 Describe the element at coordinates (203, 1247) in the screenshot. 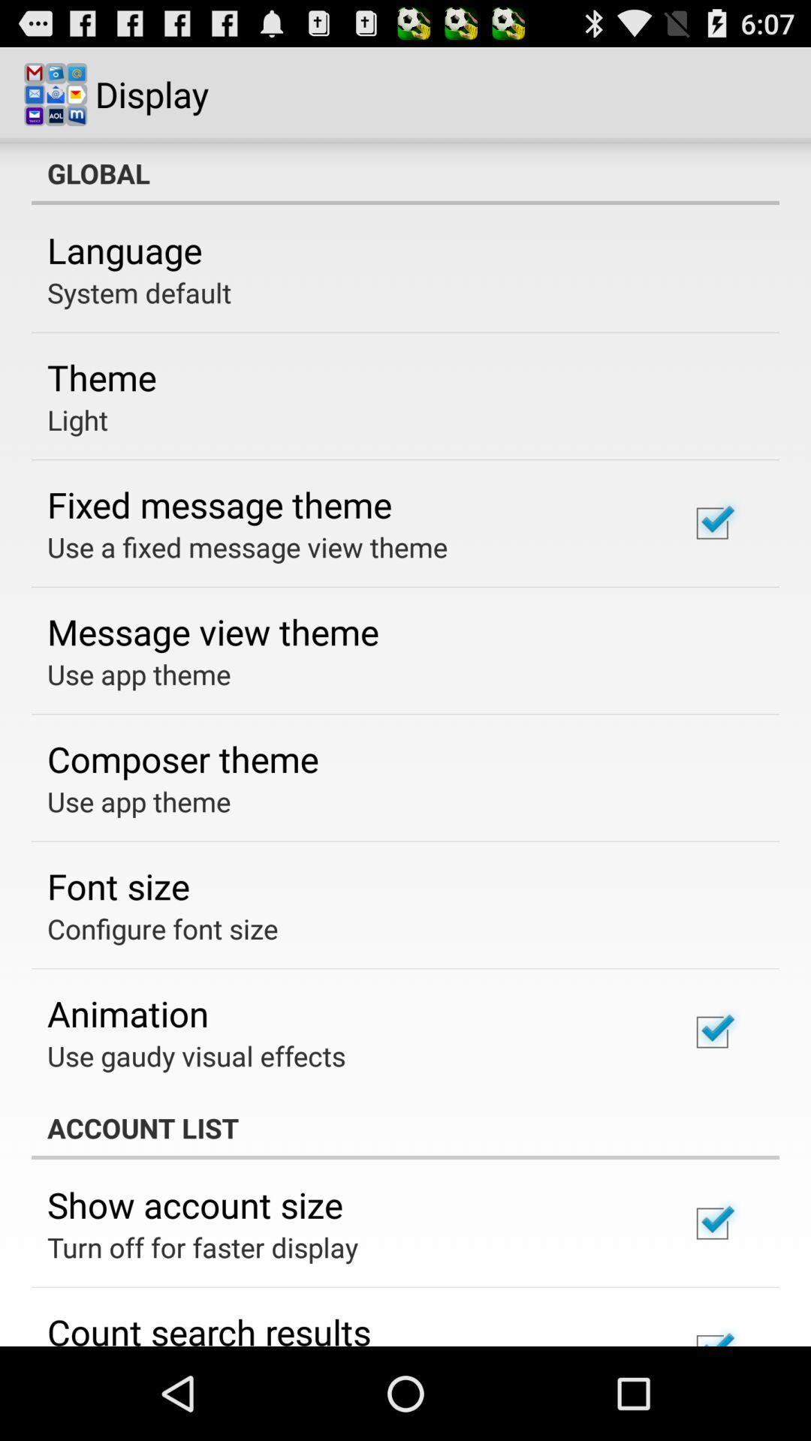

I see `the item below show account size app` at that location.